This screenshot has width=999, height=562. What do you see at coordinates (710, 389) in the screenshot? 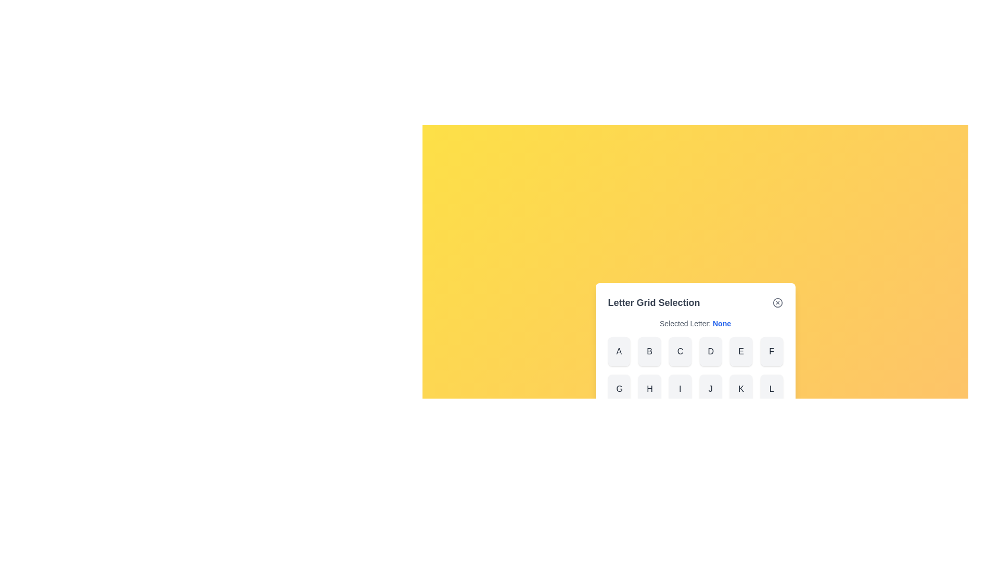
I see `the letter J from the grid` at bounding box center [710, 389].